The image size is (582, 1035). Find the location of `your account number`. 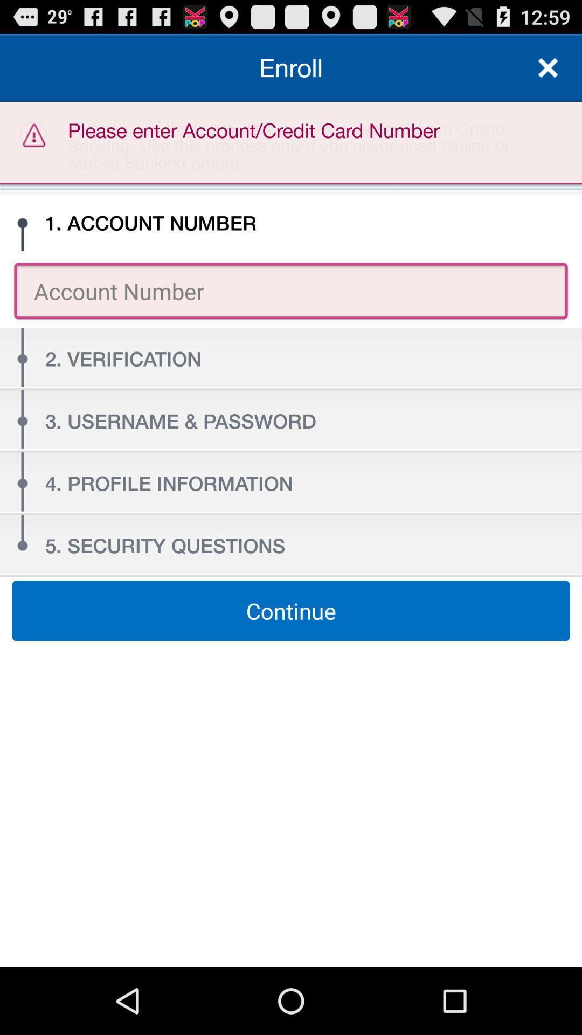

your account number is located at coordinates (291, 291).